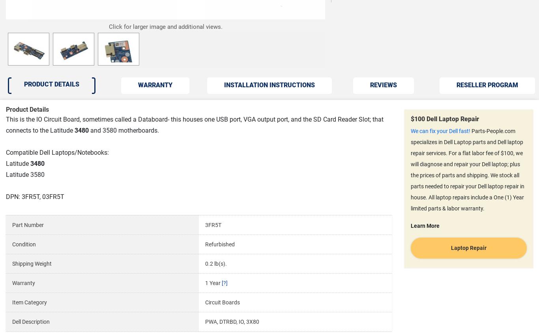 The height and width of the screenshot is (334, 539). Describe the element at coordinates (121, 242) in the screenshot. I see `'© Copyright 2002 - 2023 Parts-People.com, Inc. 2929 Longhorn Blvd #101, Austin, Texas 78758 All rights reserved |'` at that location.